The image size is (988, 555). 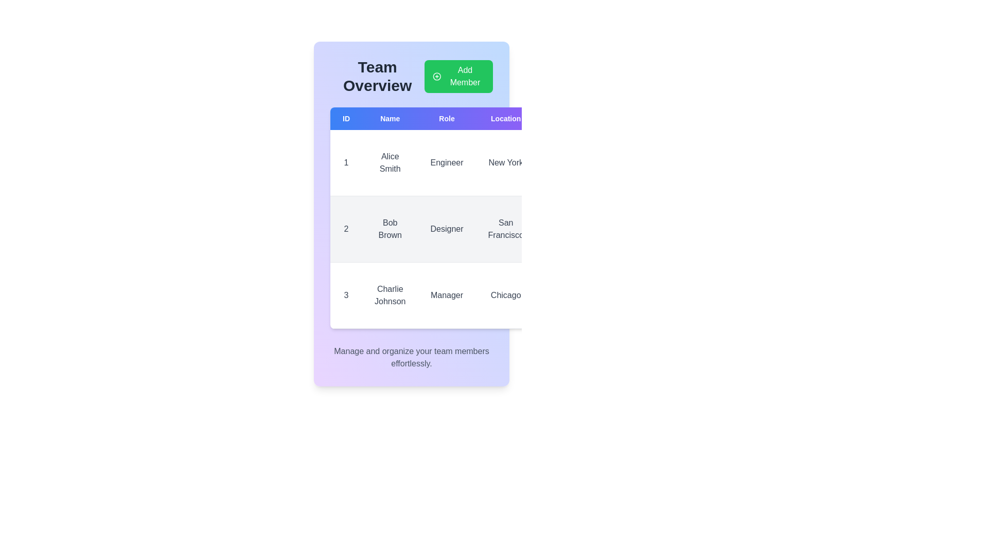 I want to click on the text component displaying the number '1', which is located in the first row and first column of a table, styled with centered alignment and gray tone, so click(x=346, y=162).